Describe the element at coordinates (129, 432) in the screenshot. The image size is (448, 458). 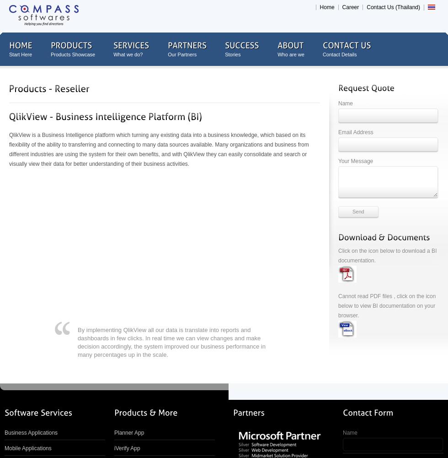
I see `'Planner App'` at that location.